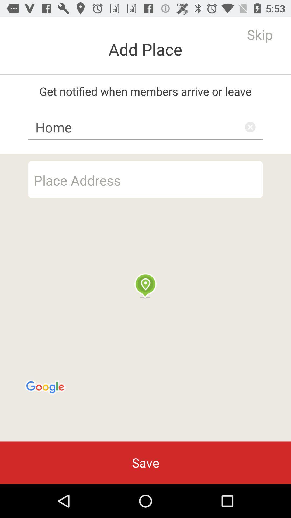  What do you see at coordinates (145, 127) in the screenshot?
I see `home item` at bounding box center [145, 127].